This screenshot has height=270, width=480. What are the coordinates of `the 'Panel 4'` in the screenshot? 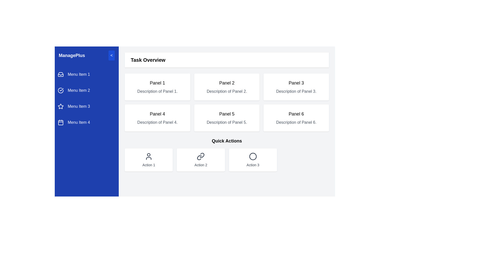 It's located at (157, 118).